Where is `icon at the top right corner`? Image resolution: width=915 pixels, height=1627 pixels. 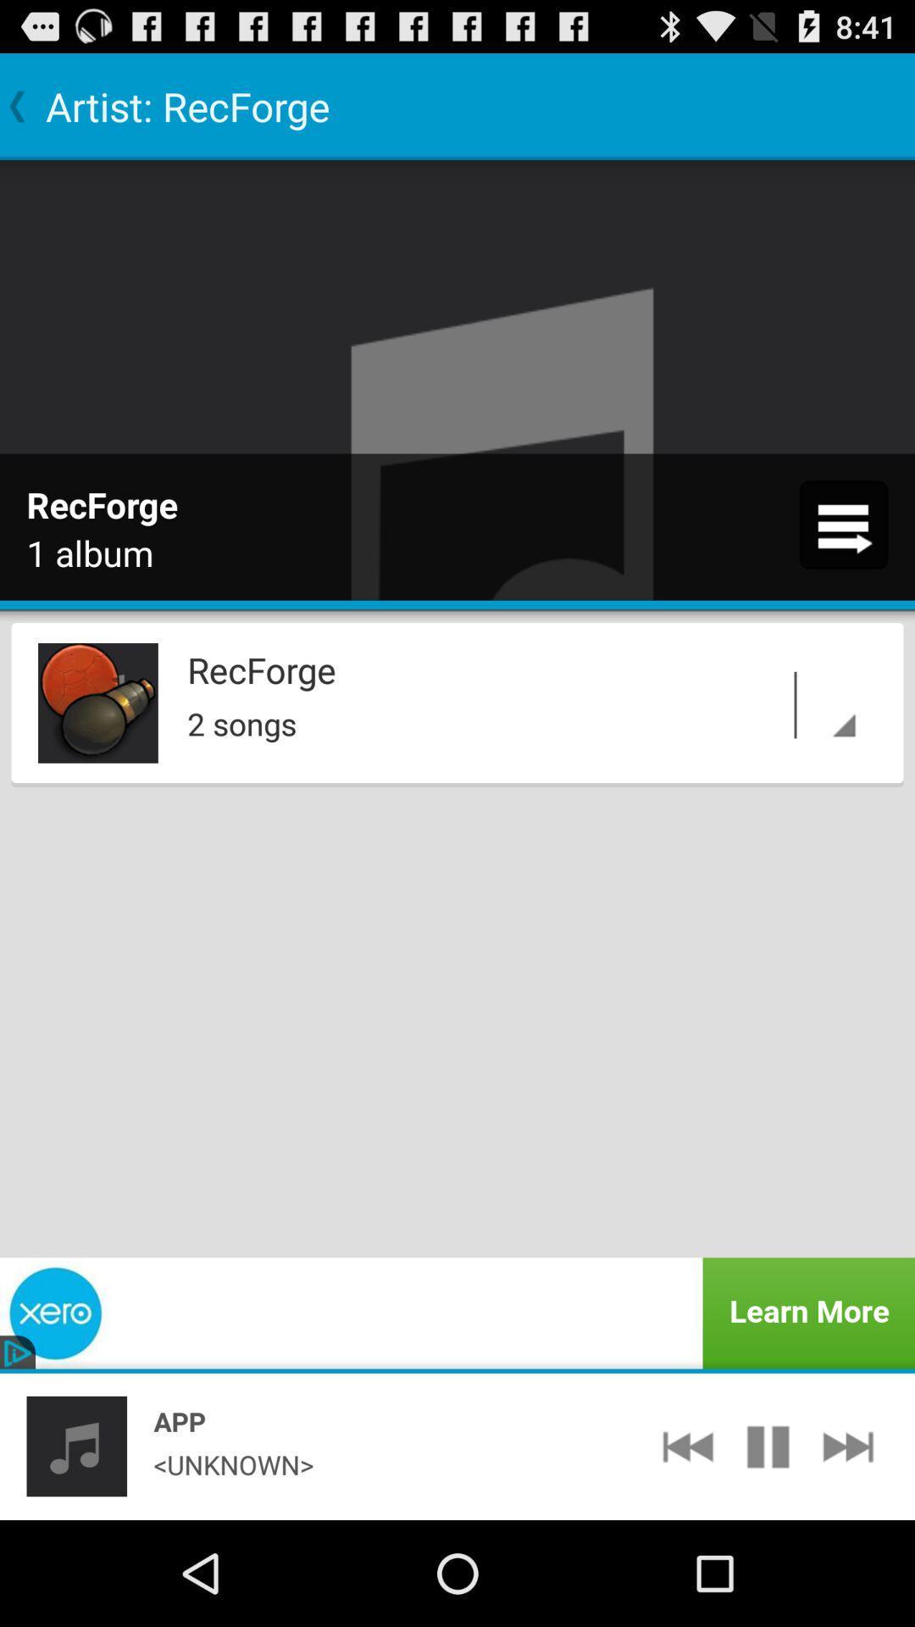
icon at the top right corner is located at coordinates (843, 524).